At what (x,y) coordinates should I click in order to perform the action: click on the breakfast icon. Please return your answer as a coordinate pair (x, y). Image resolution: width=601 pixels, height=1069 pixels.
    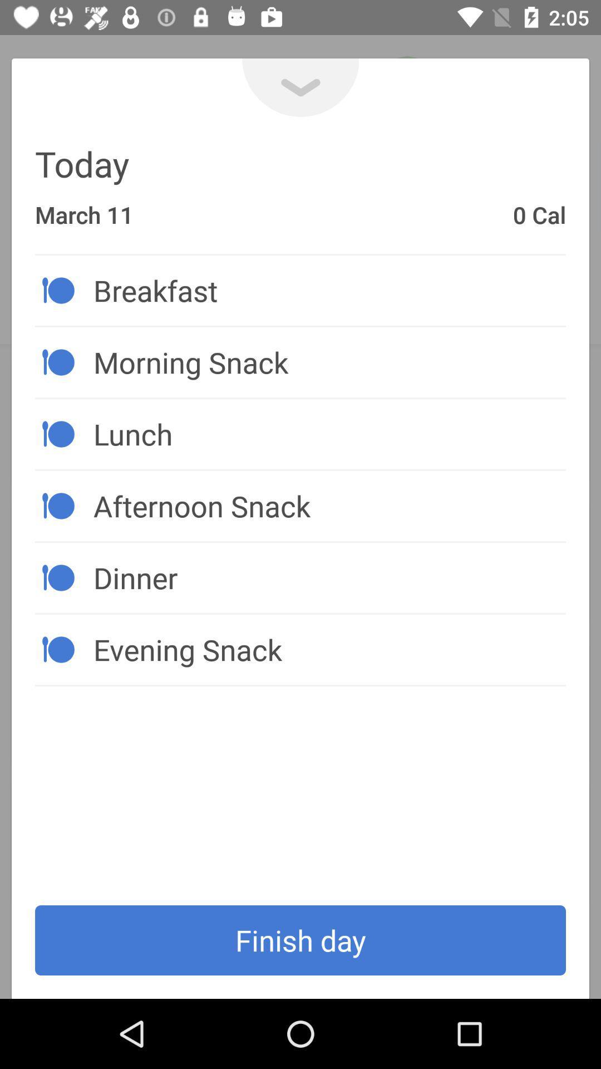
    Looking at the image, I should click on (329, 290).